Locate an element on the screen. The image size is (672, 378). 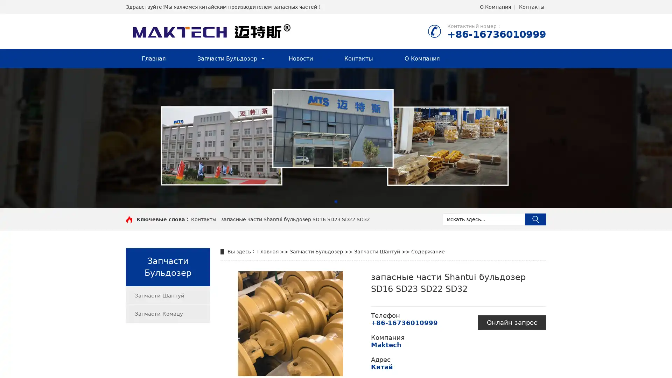
Go to slide 1 is located at coordinates (336, 201).